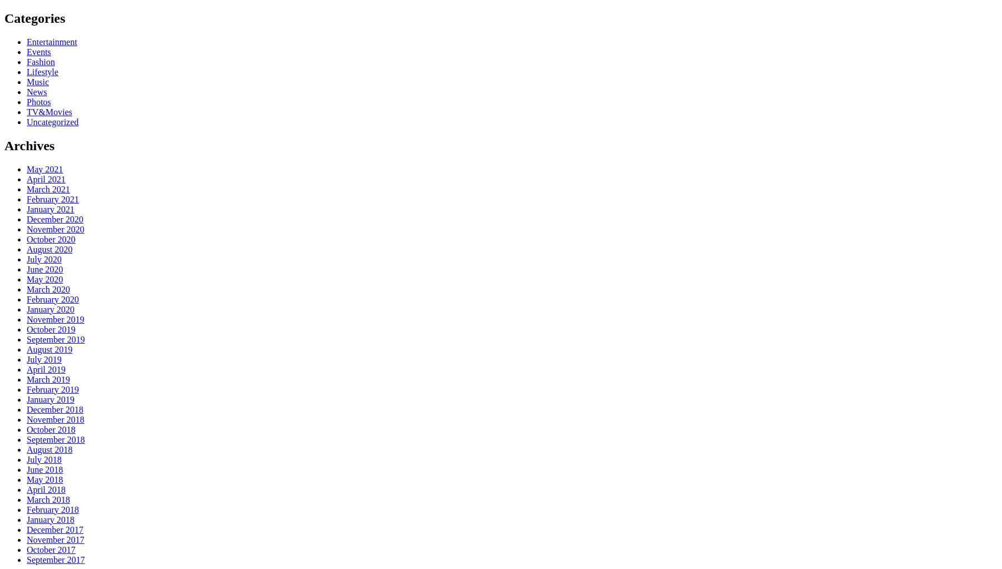 This screenshot has width=1002, height=569. Describe the element at coordinates (52, 121) in the screenshot. I see `'Uncategorized'` at that location.